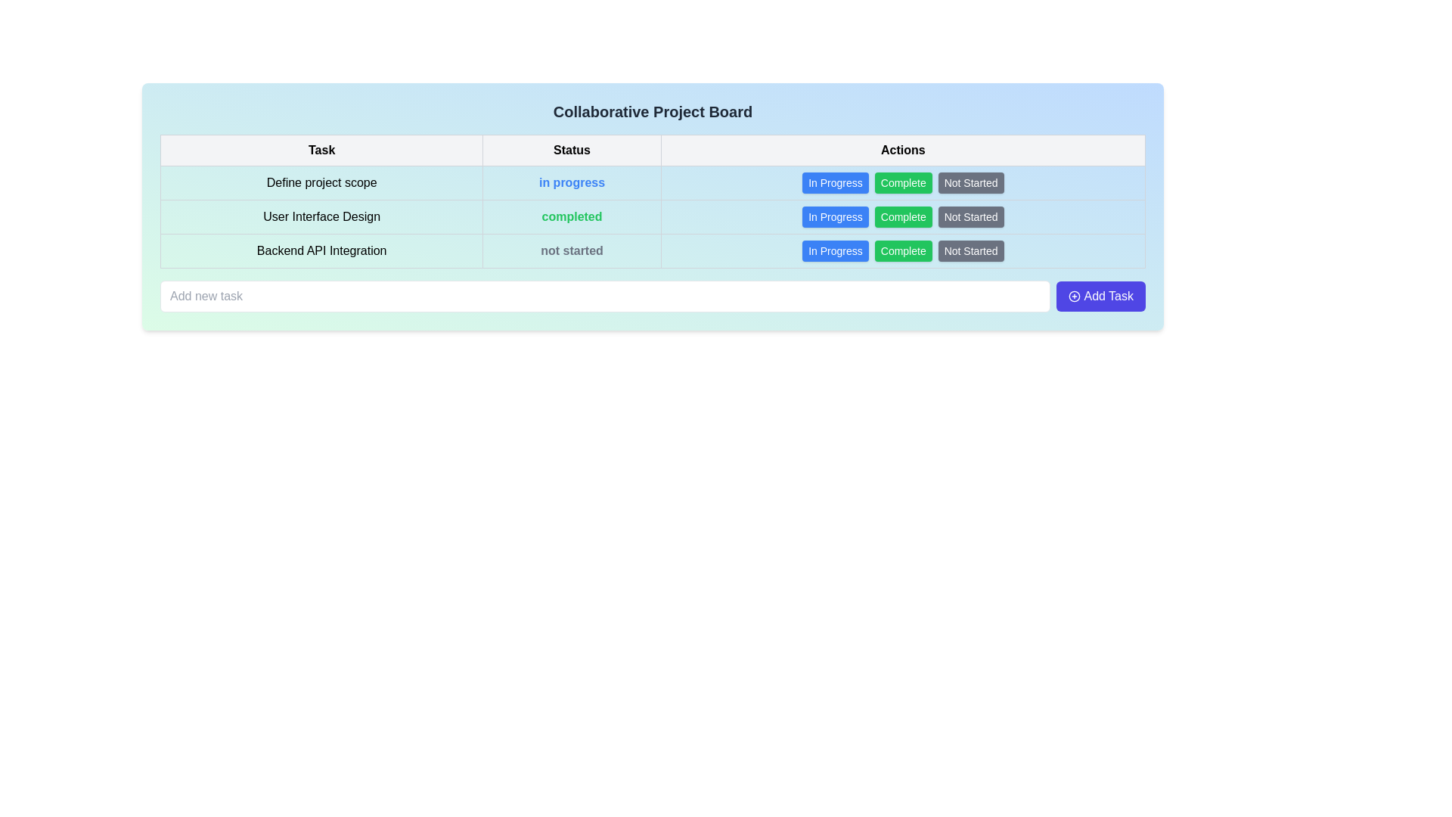 The height and width of the screenshot is (817, 1452). What do you see at coordinates (321, 151) in the screenshot?
I see `the 'Task' column header, which is the leftmost heading in a table layout` at bounding box center [321, 151].